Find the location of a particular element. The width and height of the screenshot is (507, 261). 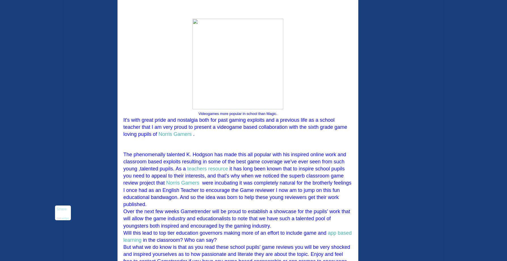

'in the classroom? Who can say?' is located at coordinates (179, 239).